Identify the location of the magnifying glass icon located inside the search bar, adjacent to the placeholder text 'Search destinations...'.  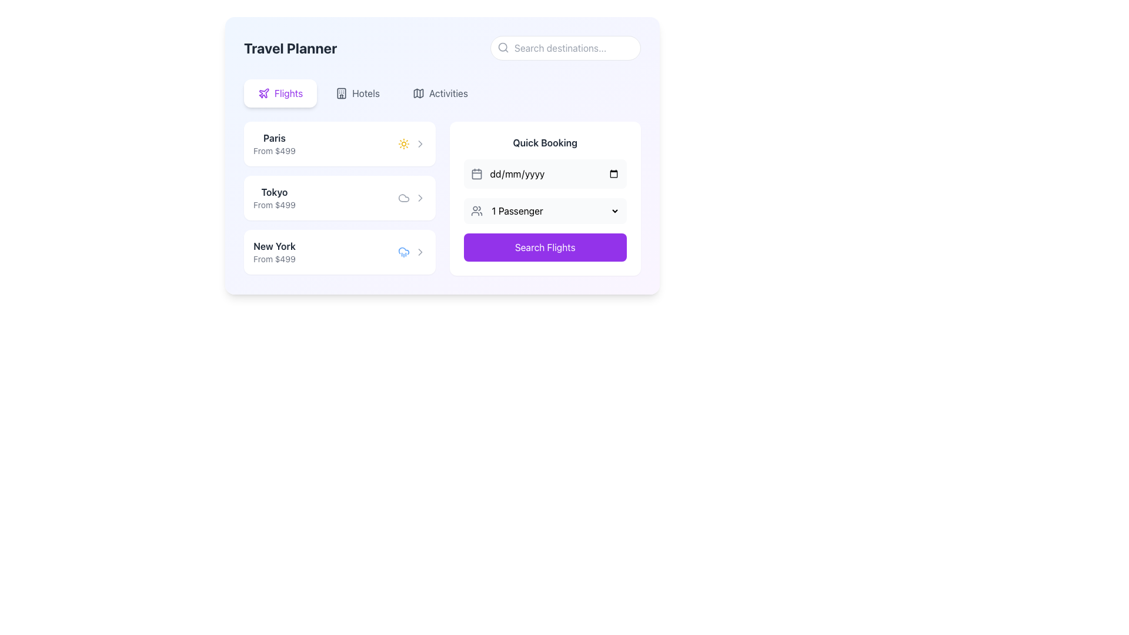
(503, 47).